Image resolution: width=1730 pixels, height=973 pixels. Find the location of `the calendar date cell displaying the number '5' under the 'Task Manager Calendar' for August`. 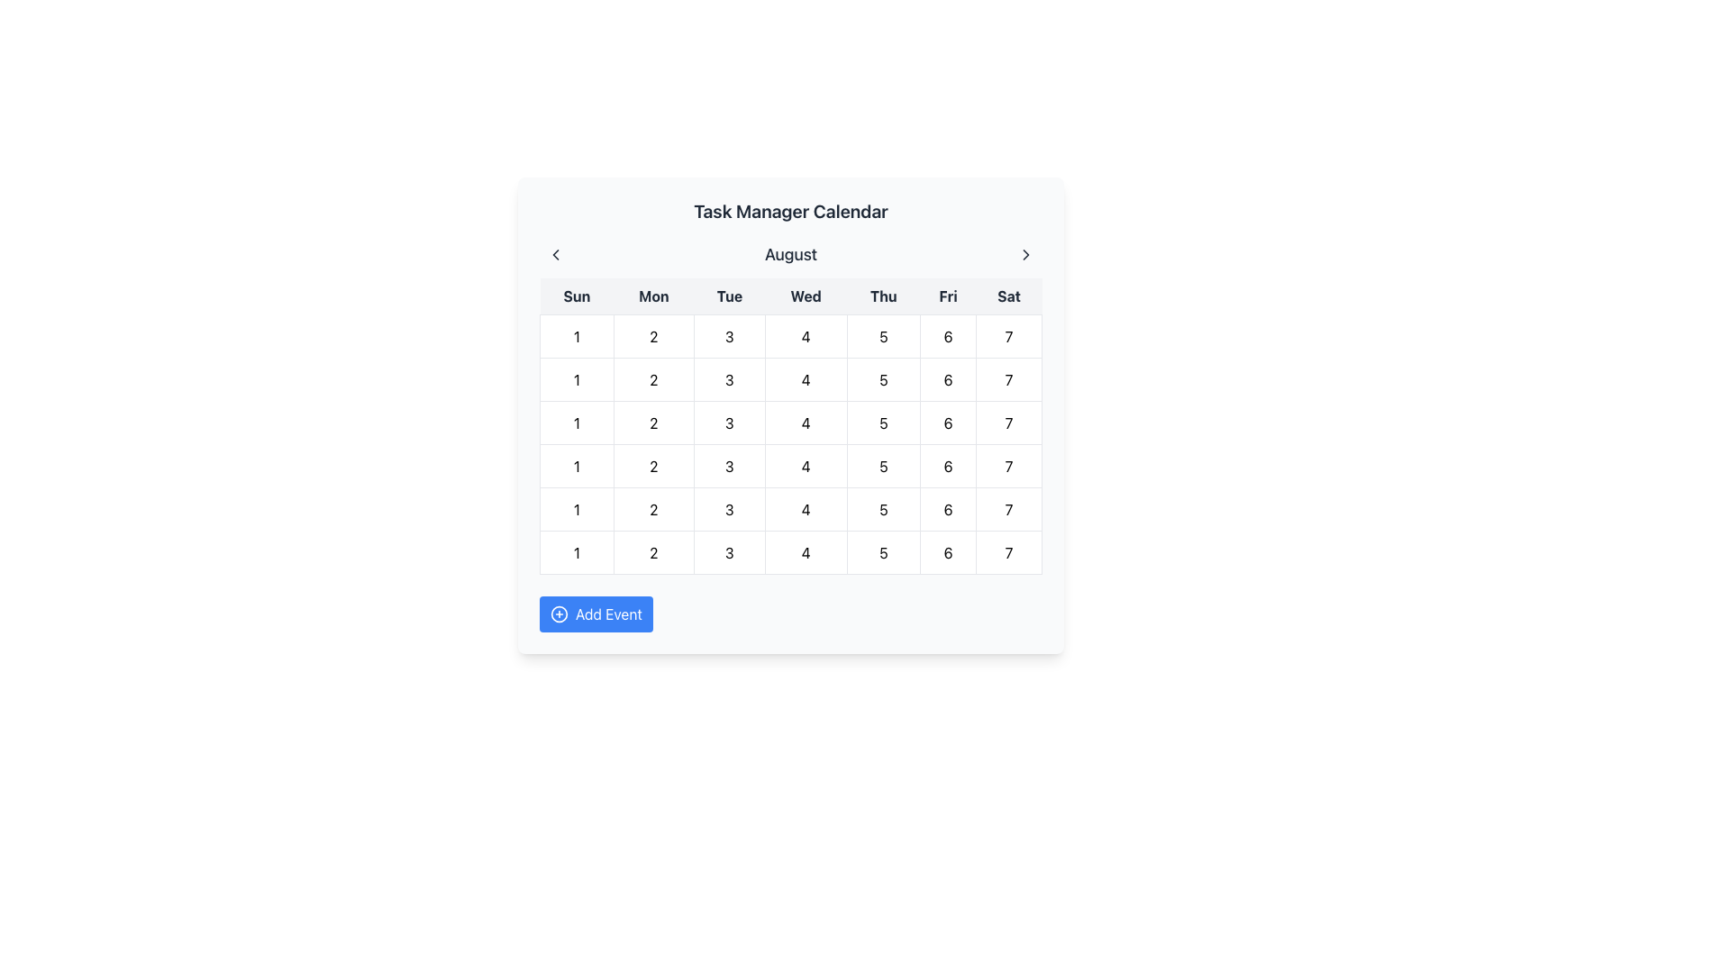

the calendar date cell displaying the number '5' under the 'Task Manager Calendar' for August is located at coordinates (883, 423).